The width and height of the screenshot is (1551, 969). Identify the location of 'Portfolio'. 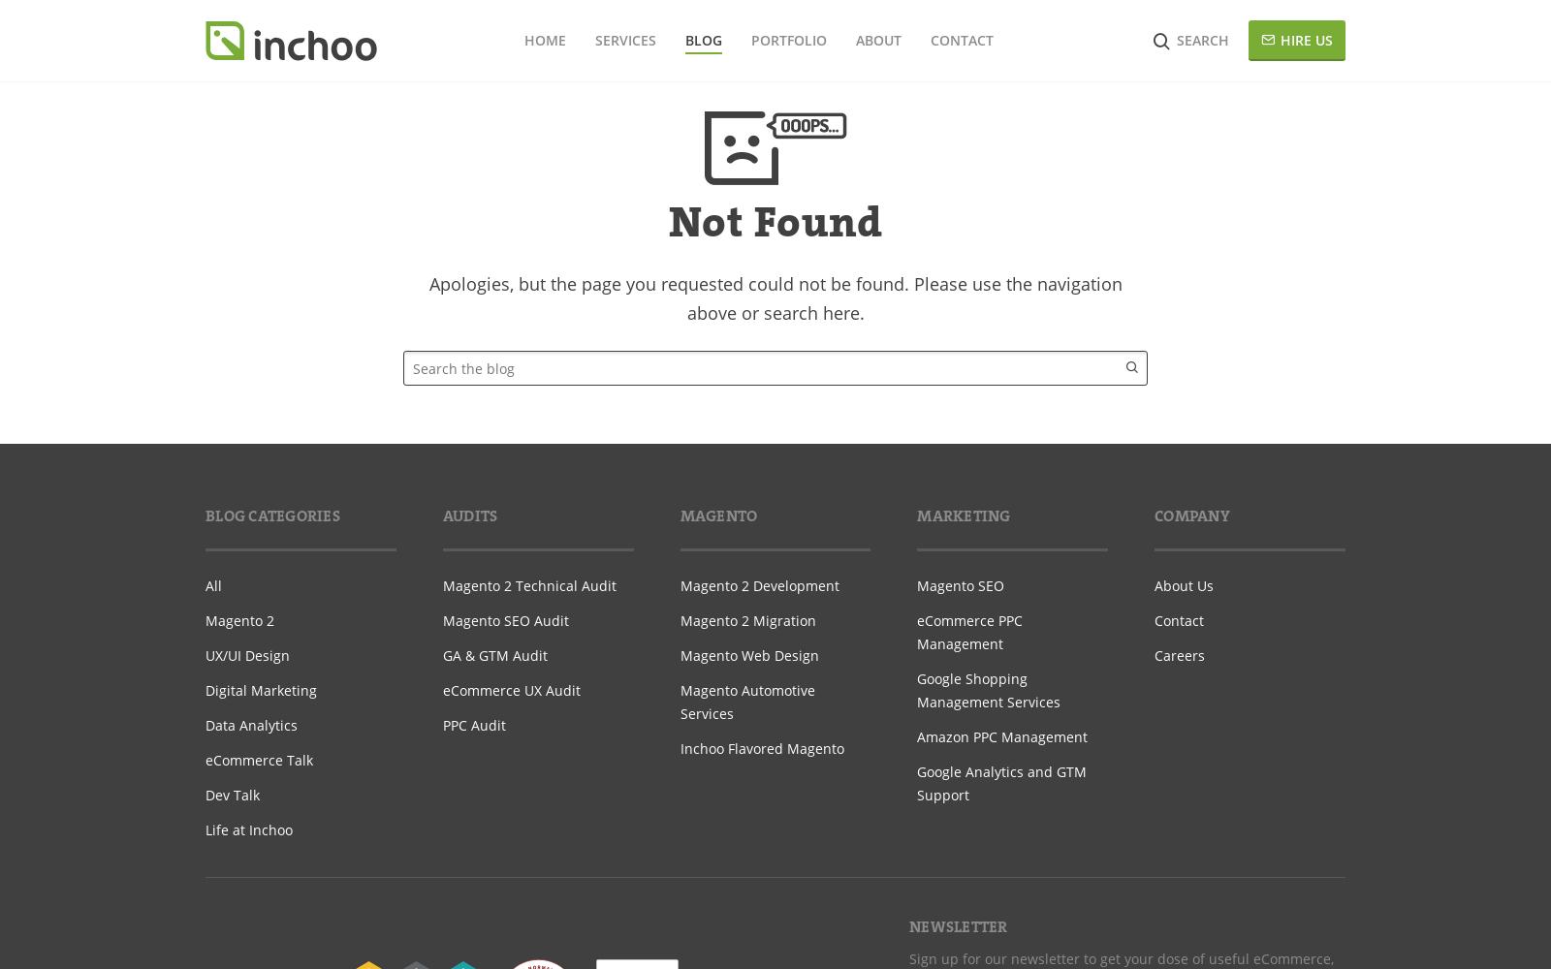
(786, 40).